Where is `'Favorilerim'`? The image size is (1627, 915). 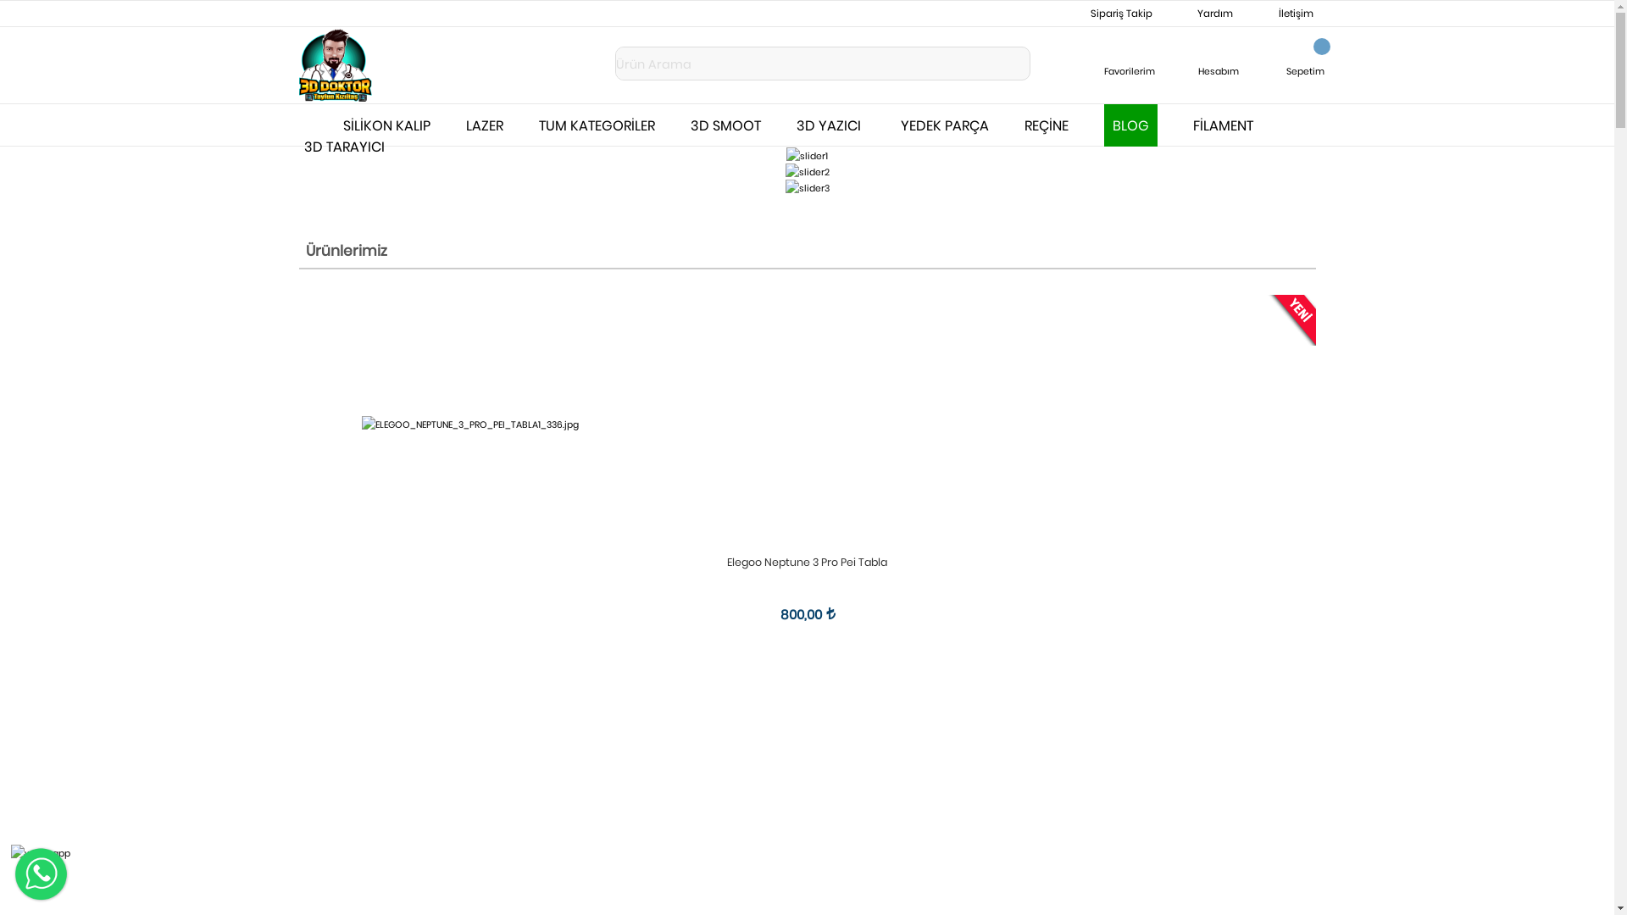
'Favorilerim' is located at coordinates (1130, 58).